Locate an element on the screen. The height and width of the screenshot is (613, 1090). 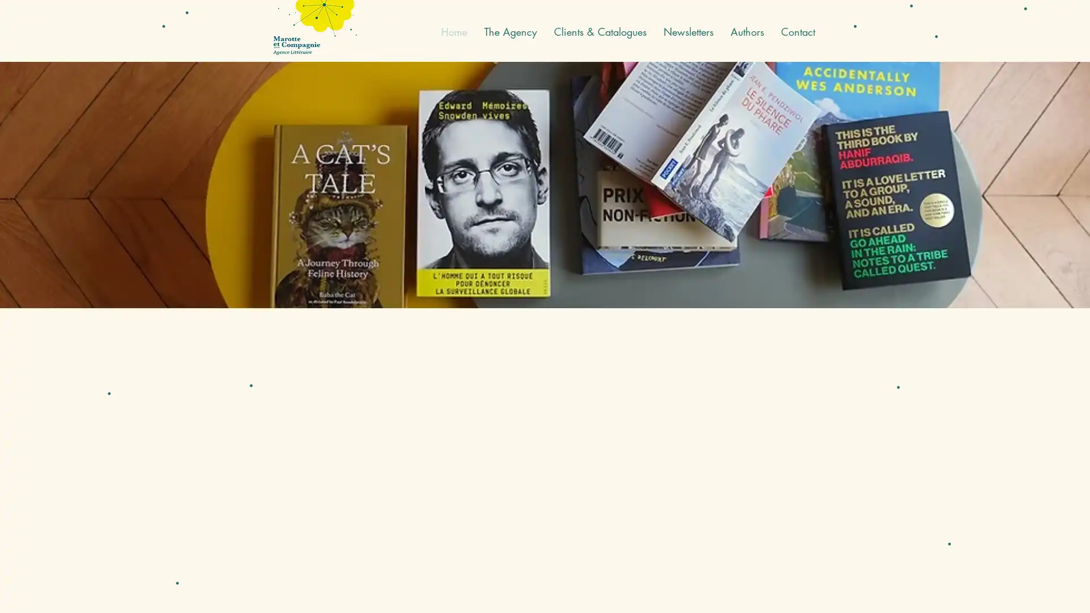
English is located at coordinates (405, 31).